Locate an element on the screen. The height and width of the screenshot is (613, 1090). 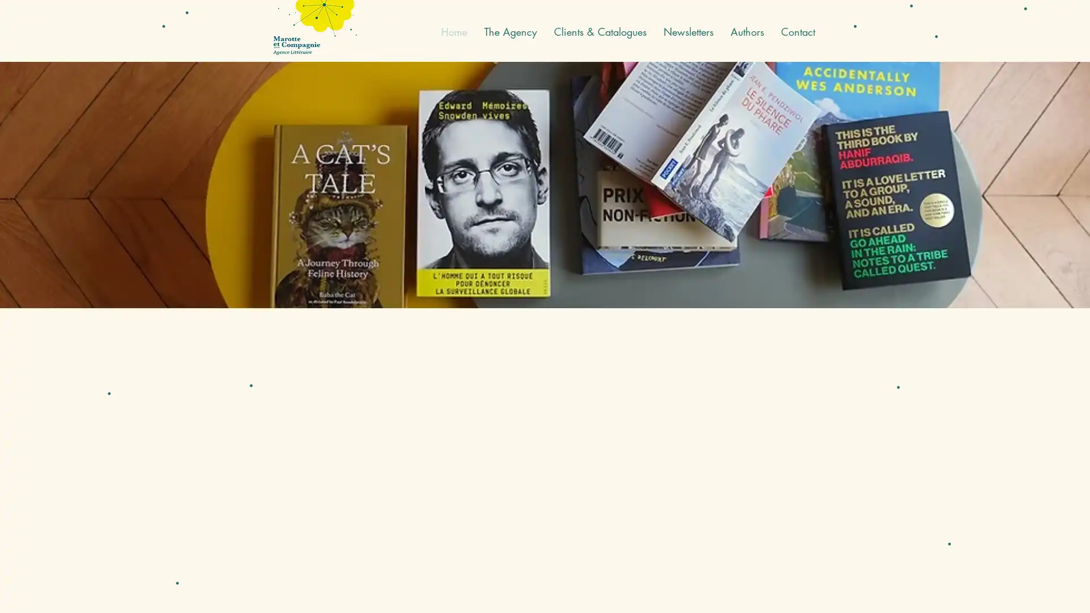
English is located at coordinates (405, 31).